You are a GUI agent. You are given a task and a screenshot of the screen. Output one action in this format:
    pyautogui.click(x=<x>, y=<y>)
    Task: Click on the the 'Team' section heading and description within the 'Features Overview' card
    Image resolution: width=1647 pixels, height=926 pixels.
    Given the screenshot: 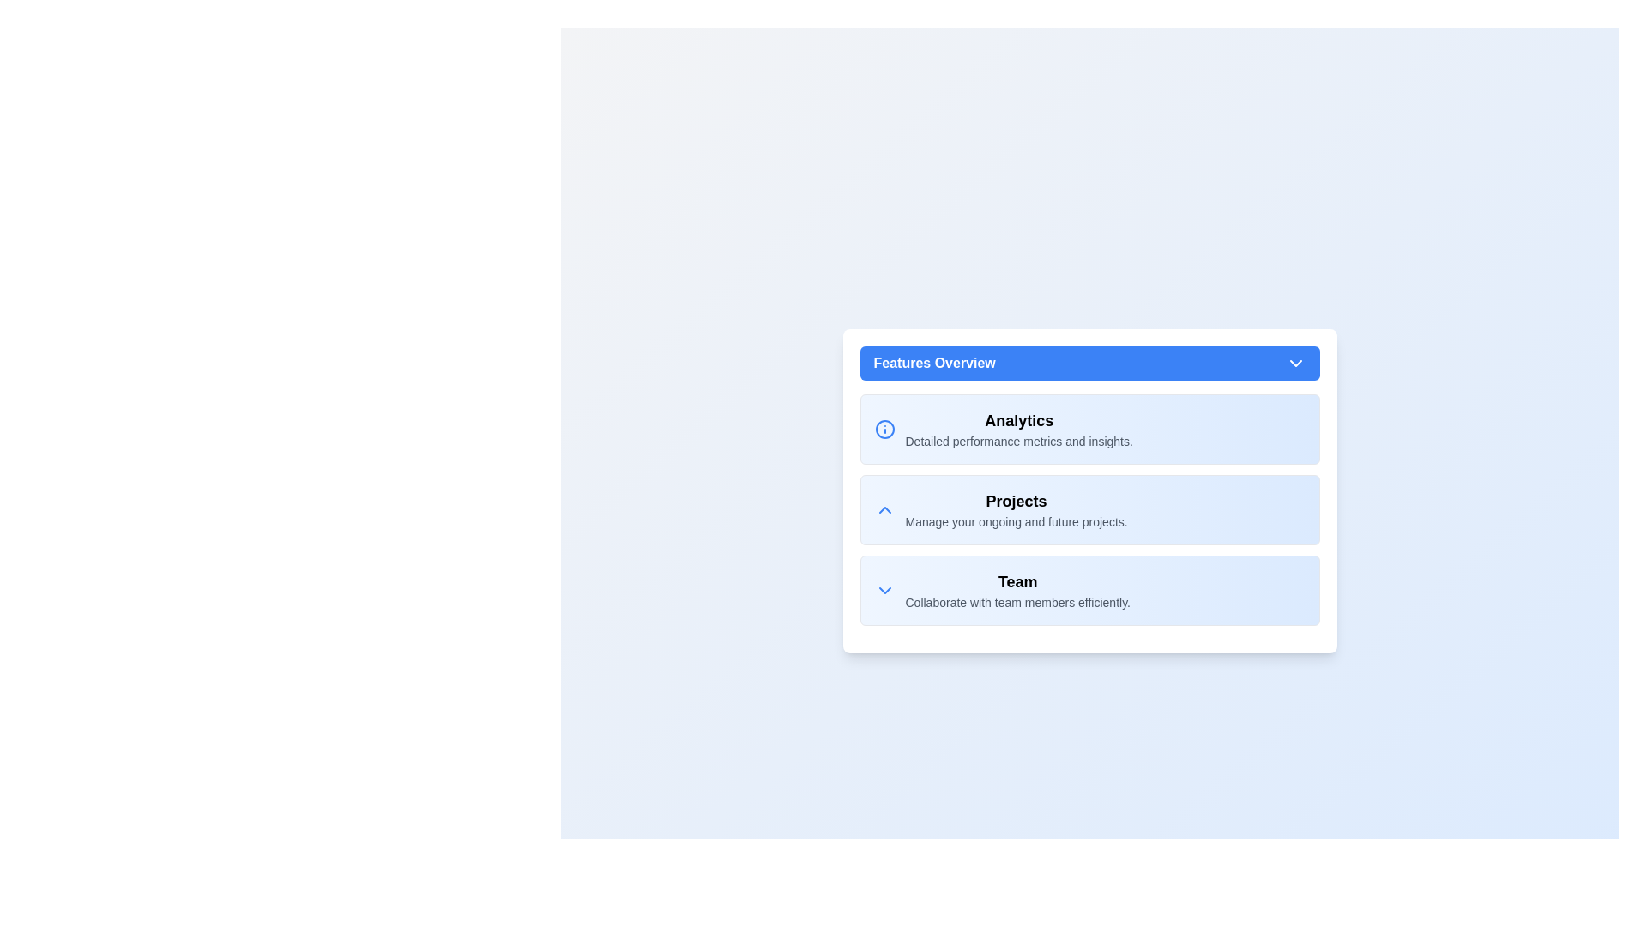 What is the action you would take?
    pyautogui.click(x=1017, y=590)
    